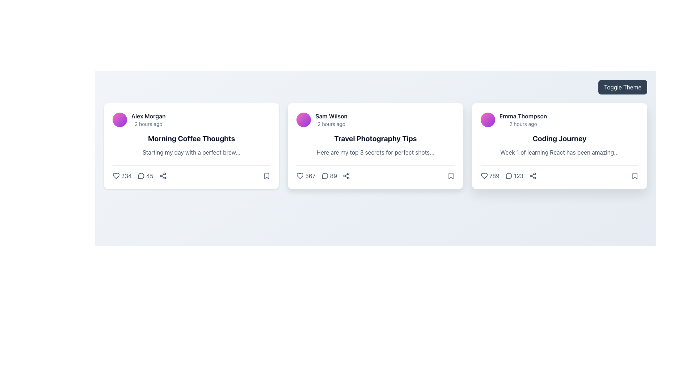 This screenshot has width=695, height=391. I want to click on the comment button icon located in the bottom-right corner of the card displaying 'Coding Journey', so click(509, 176).